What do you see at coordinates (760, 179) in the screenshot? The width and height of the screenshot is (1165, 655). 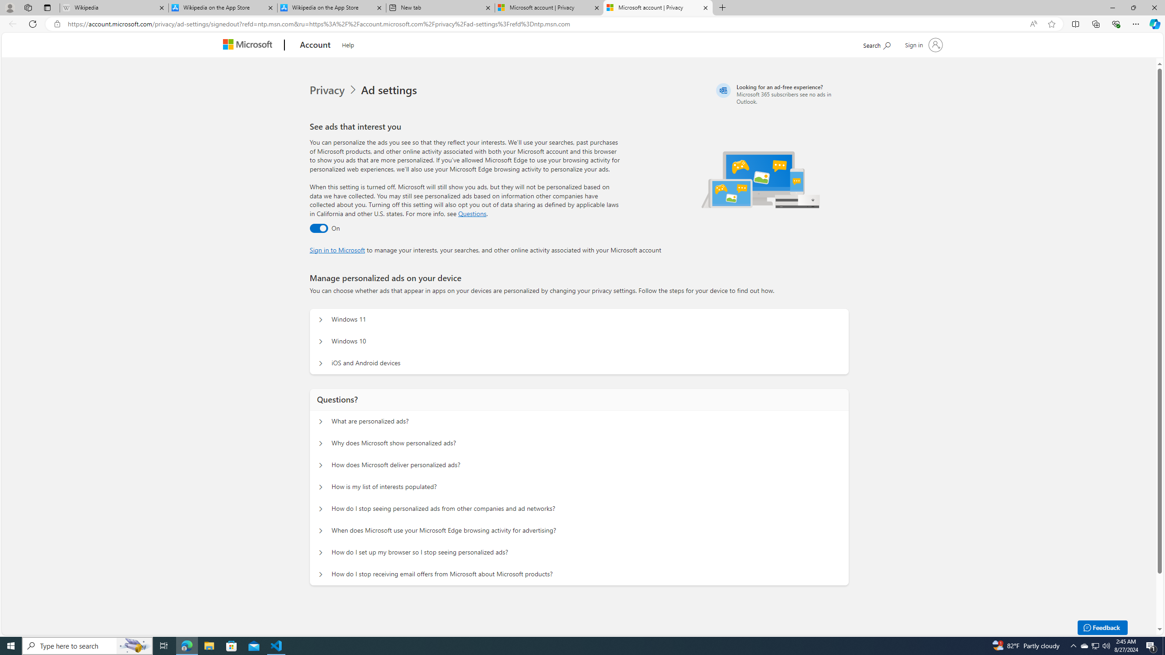 I see `'Illustration of multiple devices'` at bounding box center [760, 179].